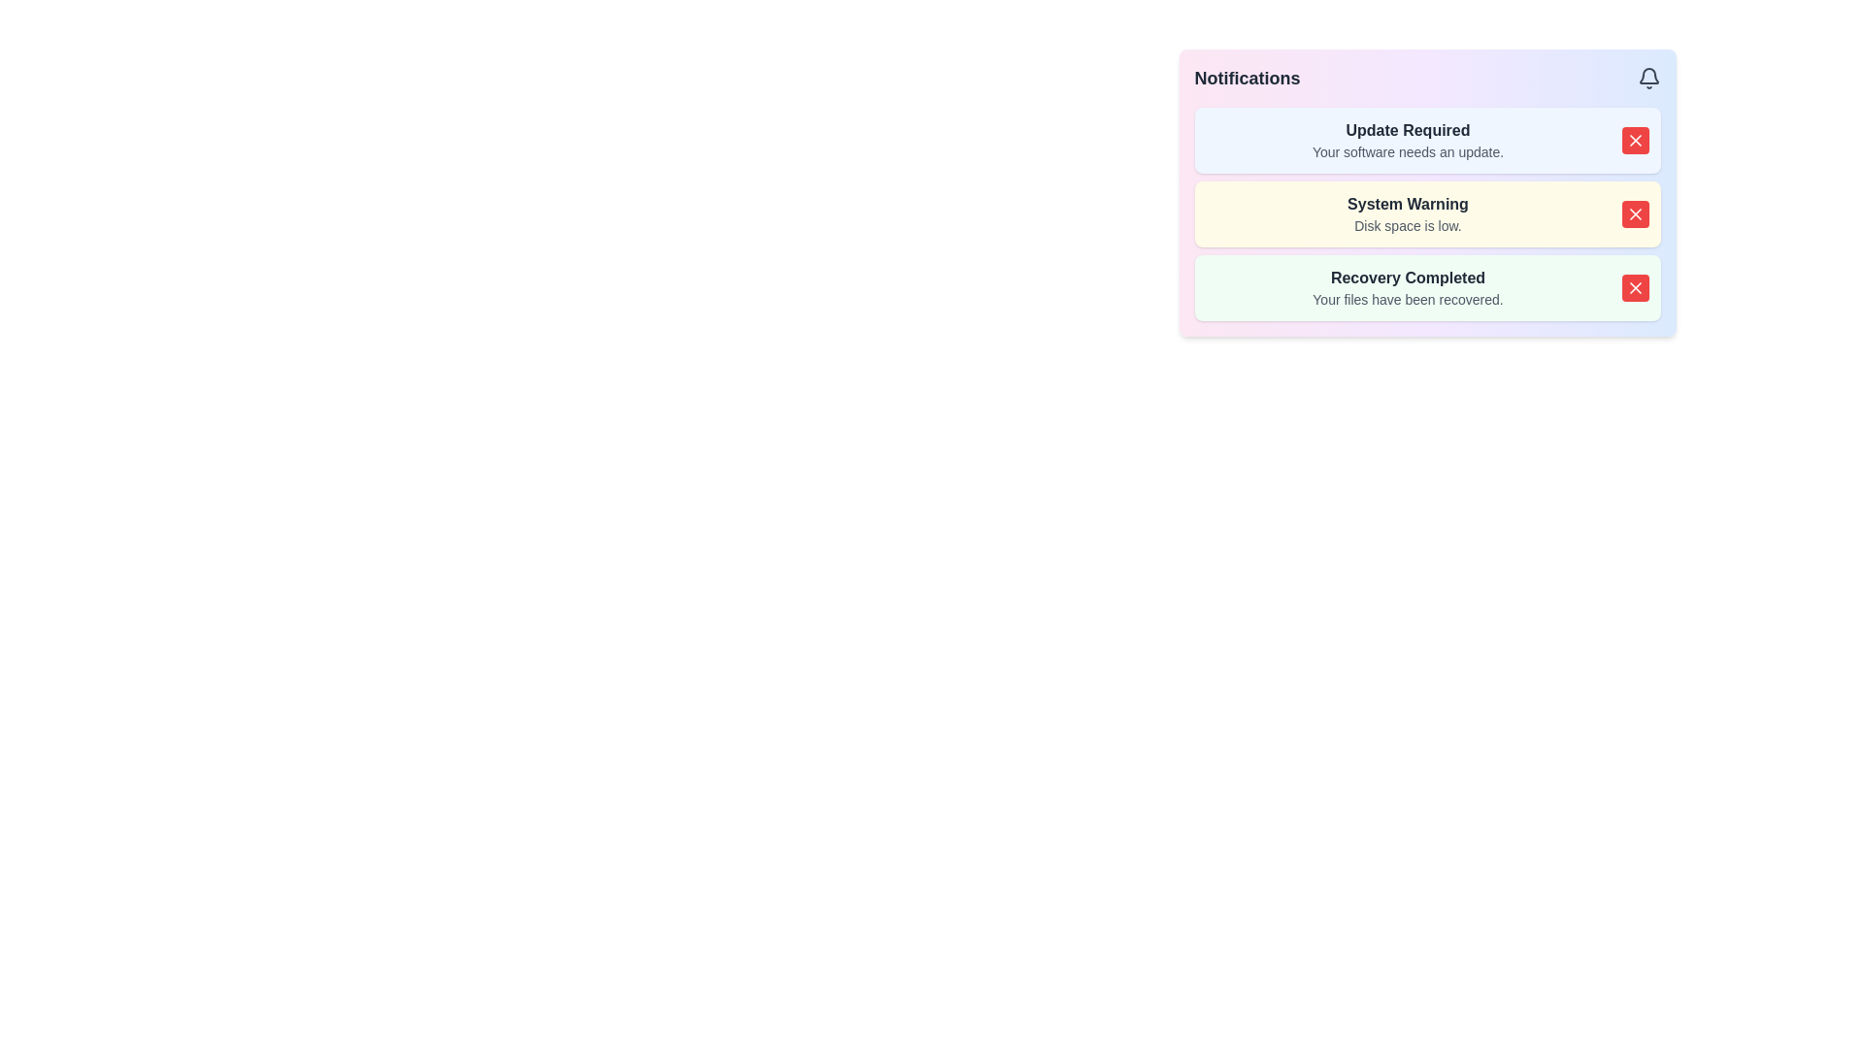 The image size is (1864, 1048). What do you see at coordinates (1408, 213) in the screenshot?
I see `the system notification message about low disk space, located in the central region of the second notification card in the right-center of the interface` at bounding box center [1408, 213].